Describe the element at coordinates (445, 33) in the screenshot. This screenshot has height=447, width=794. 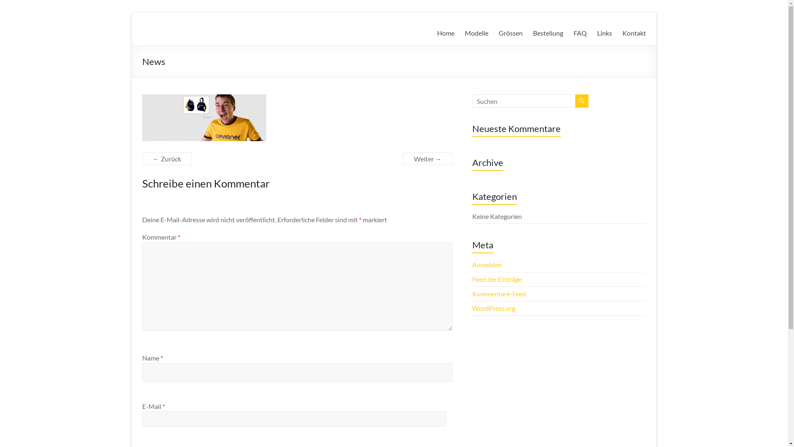
I see `'Home'` at that location.